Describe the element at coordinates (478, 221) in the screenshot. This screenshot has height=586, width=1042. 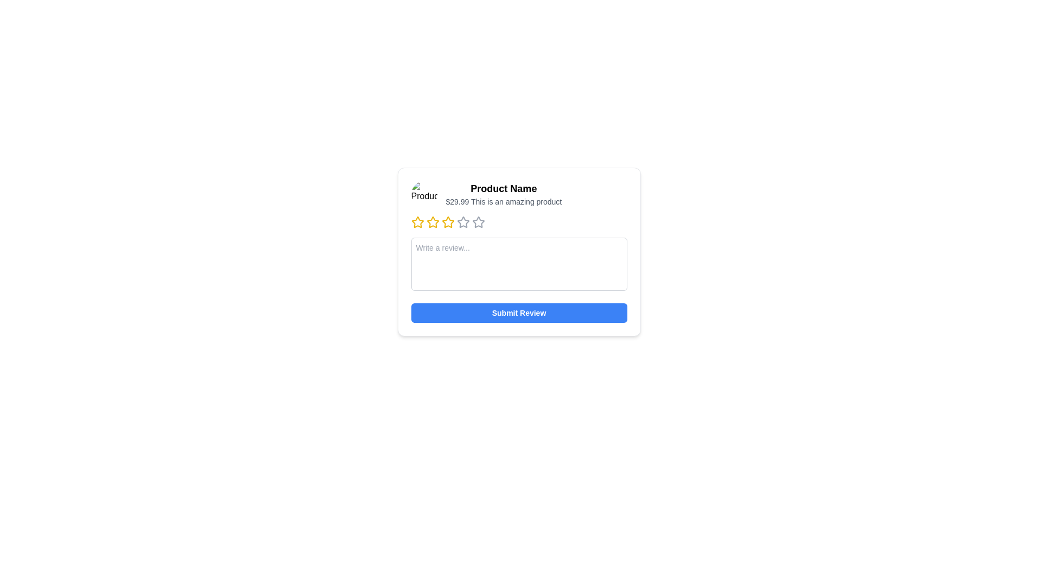
I see `the fourth star icon in the rating component` at that location.